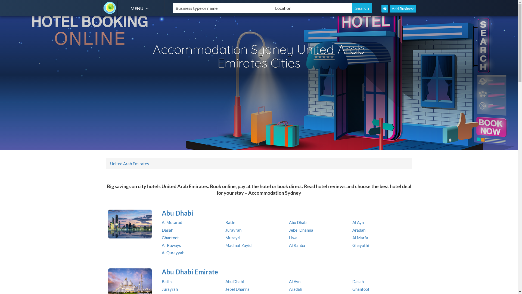  I want to click on 'Aradah', so click(359, 230).